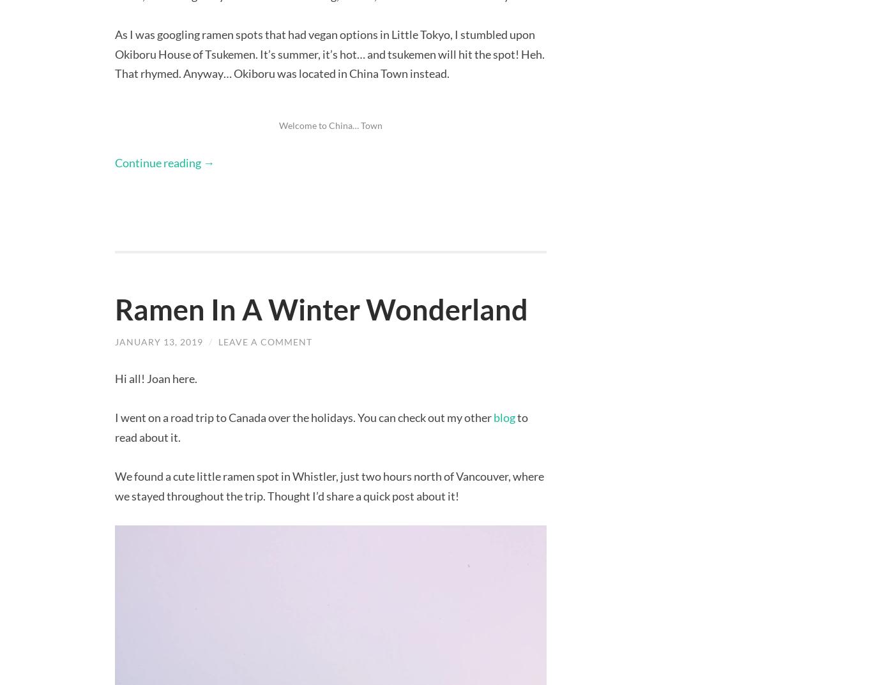 This screenshot has height=685, width=894. Describe the element at coordinates (321, 308) in the screenshot. I see `'Ramen In A Winter Wonderland'` at that location.